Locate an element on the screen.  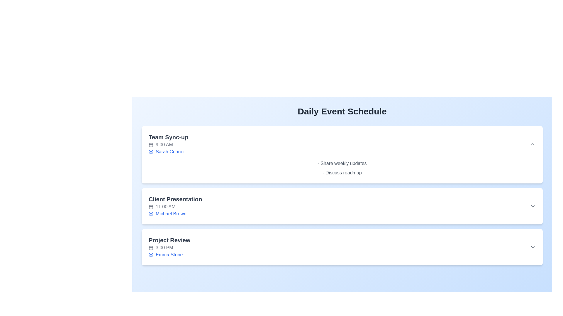
the circular user profile icon located to the left of the text 'Emma Stone' in the bottom-most card of the schedule list for the 3:00 PM event labeled 'Project Review' is located at coordinates (151, 255).